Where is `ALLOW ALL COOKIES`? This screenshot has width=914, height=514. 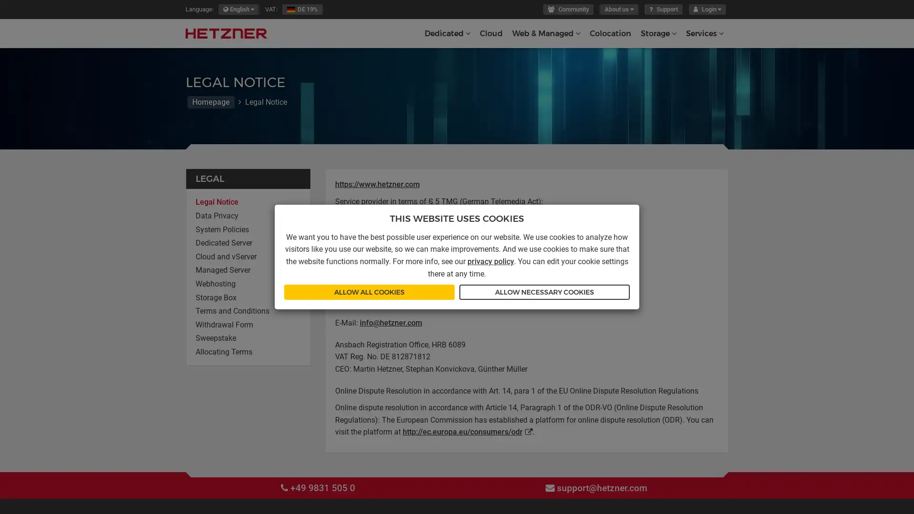
ALLOW ALL COOKIES is located at coordinates (369, 291).